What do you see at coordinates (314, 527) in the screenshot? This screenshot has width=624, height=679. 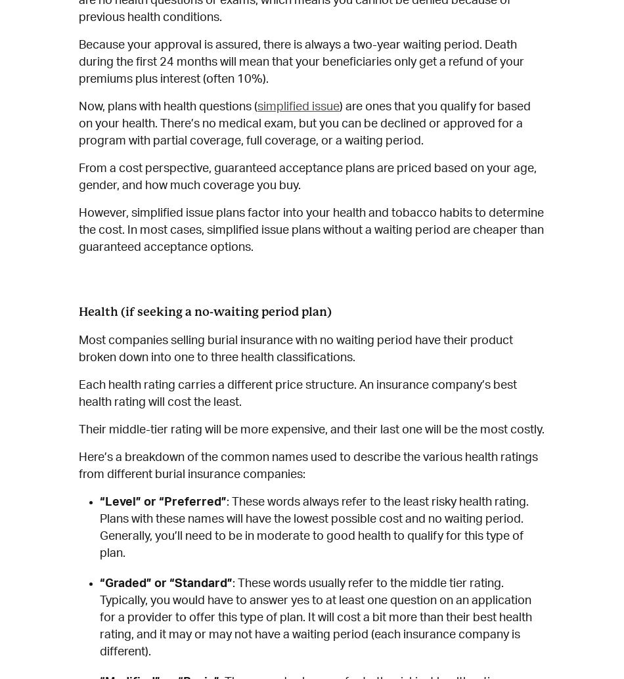 I see `': These words always refer to the least risky health rating. Plans with these names will have the lowest possible cost and no waiting period. Generally, you’ll need to be in moderate to good health to qualify for this type of plan.'` at bounding box center [314, 527].